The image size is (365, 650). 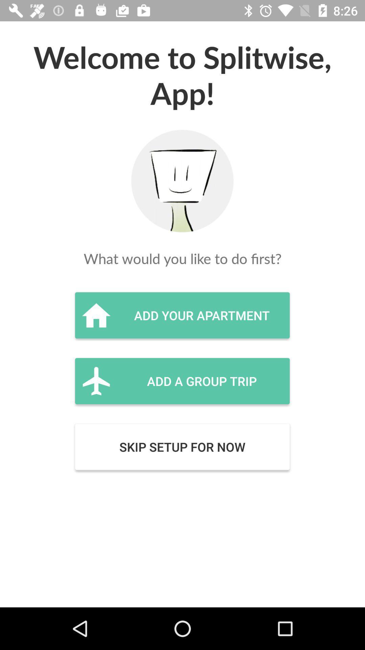 What do you see at coordinates (182, 315) in the screenshot?
I see `item above the add a group` at bounding box center [182, 315].